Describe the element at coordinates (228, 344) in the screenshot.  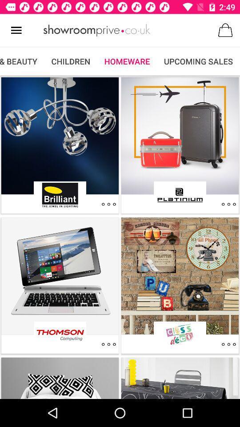
I see `display options` at that location.